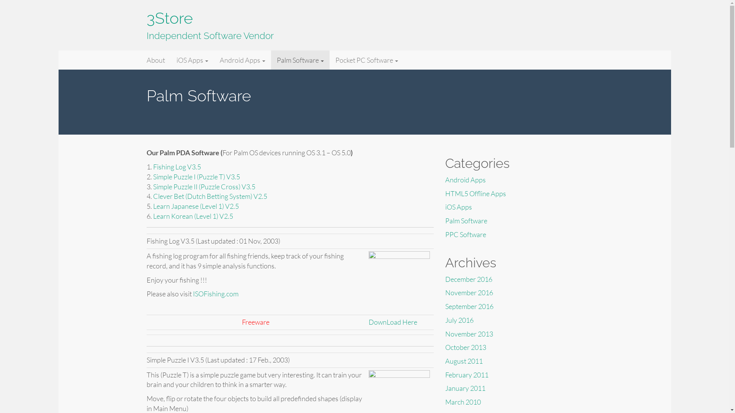 This screenshot has width=735, height=413. What do you see at coordinates (210, 196) in the screenshot?
I see `'Clever Bet (Dutch Betting System) V2.5'` at bounding box center [210, 196].